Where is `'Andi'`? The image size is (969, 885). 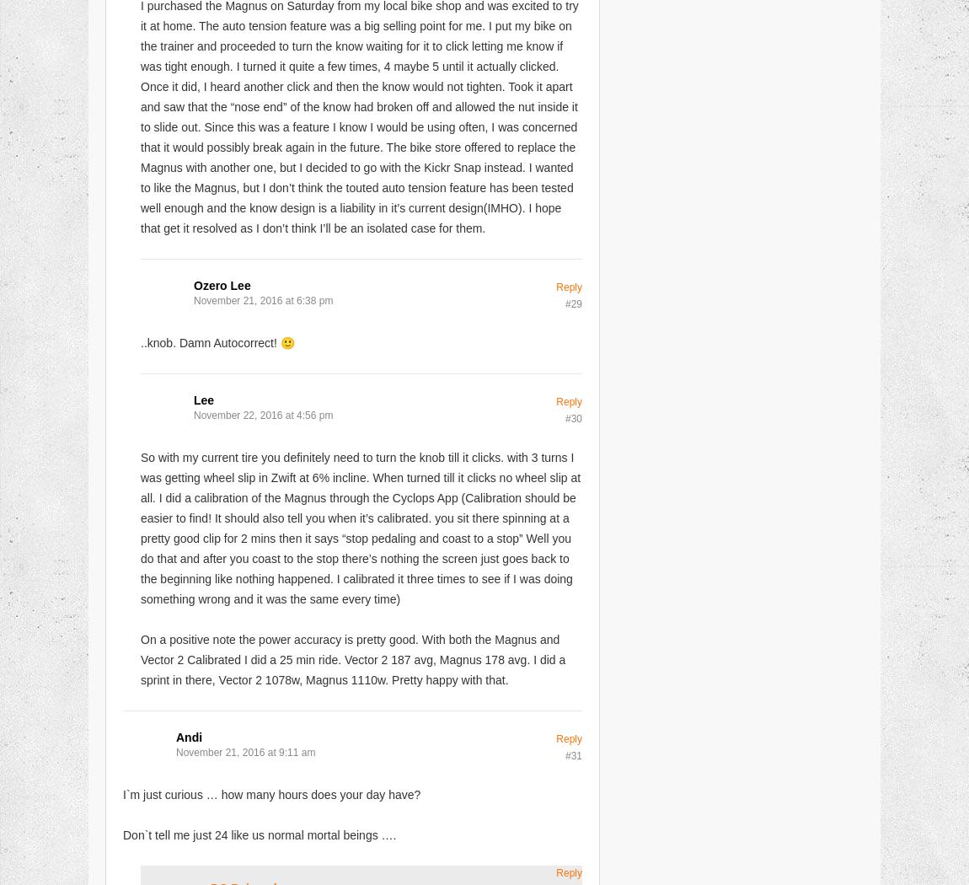
'Andi' is located at coordinates (188, 736).